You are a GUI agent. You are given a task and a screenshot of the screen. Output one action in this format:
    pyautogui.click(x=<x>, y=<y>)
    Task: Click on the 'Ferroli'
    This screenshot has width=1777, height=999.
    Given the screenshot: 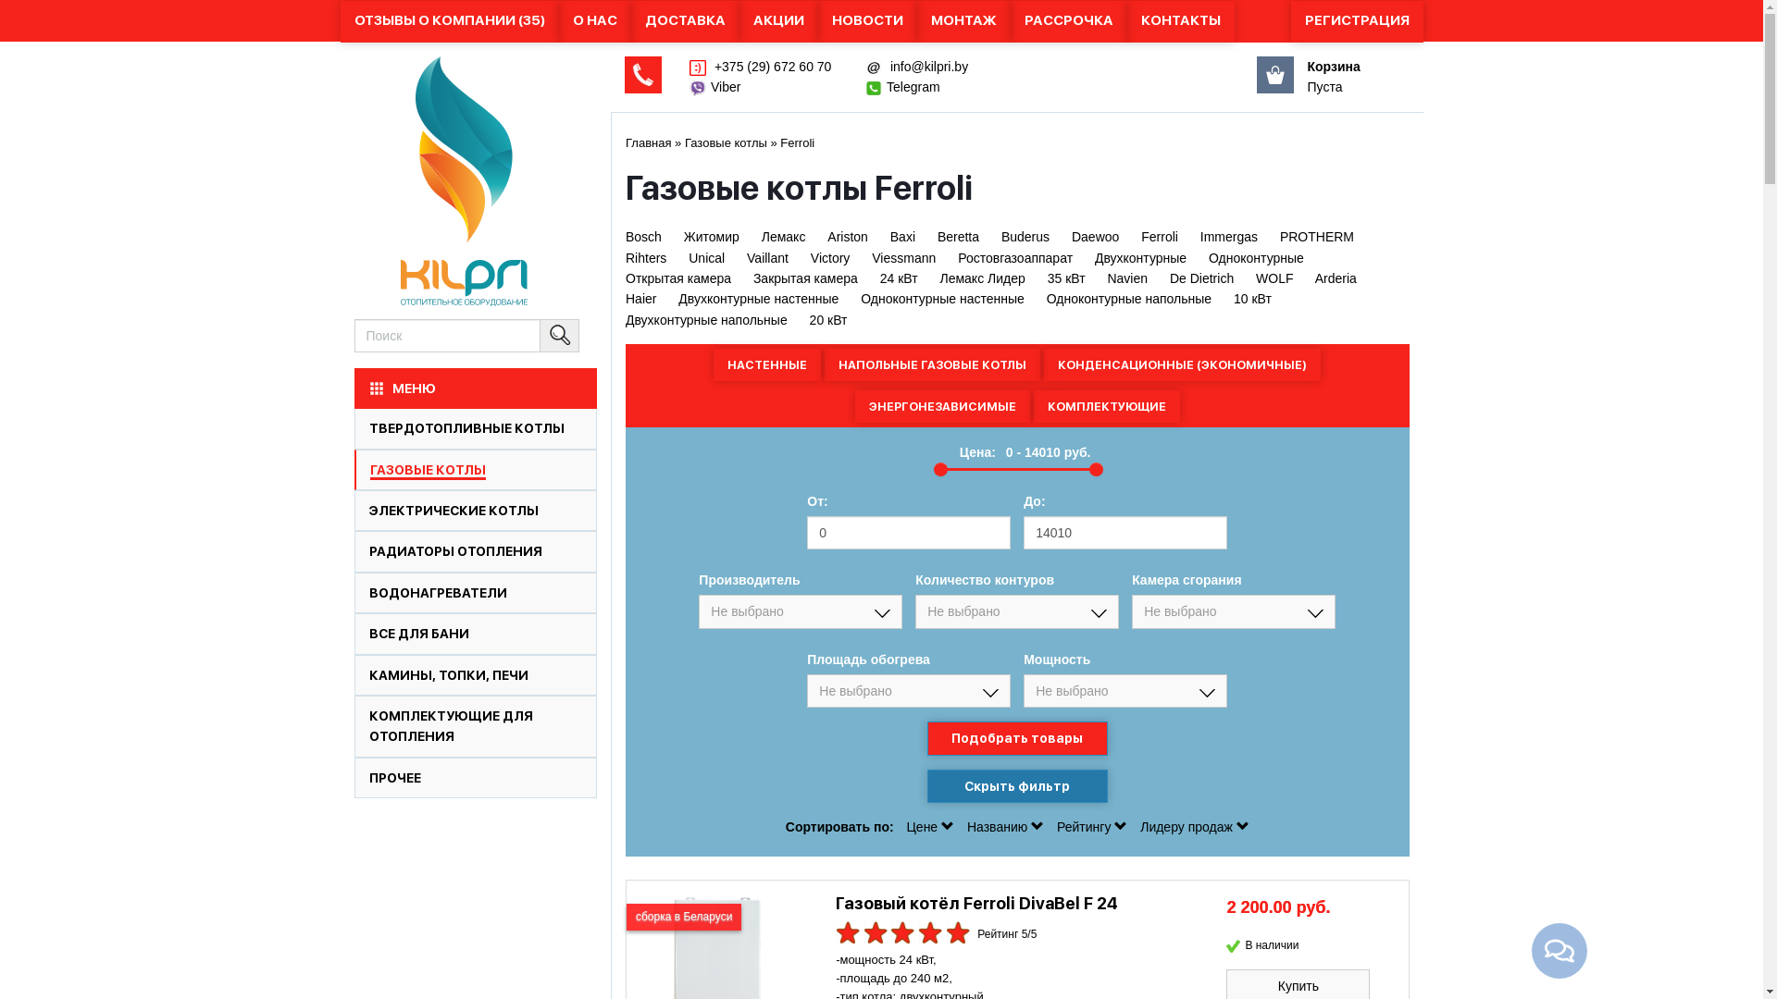 What is the action you would take?
    pyautogui.click(x=1158, y=235)
    